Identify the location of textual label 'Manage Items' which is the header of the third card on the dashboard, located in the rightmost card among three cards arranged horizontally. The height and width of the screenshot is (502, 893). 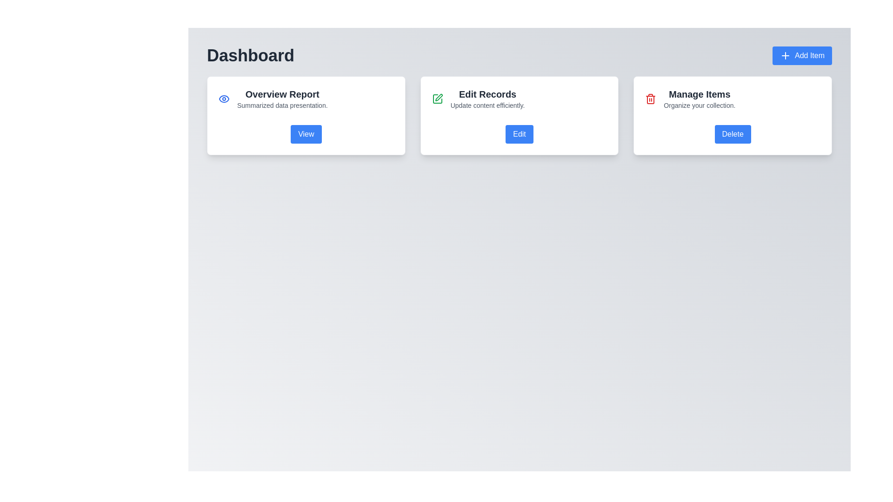
(700, 99).